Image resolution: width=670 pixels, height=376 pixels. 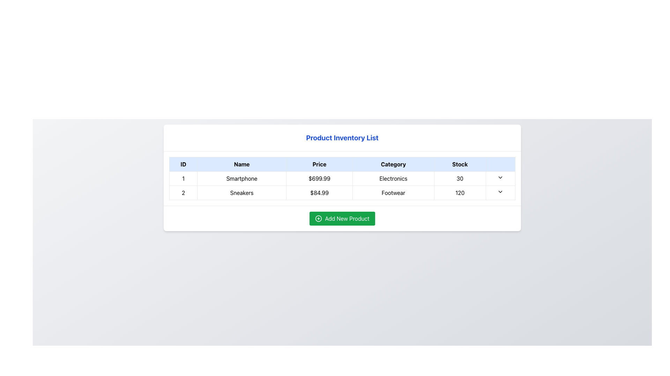 What do you see at coordinates (460, 178) in the screenshot?
I see `the static text display showing '30' in the 'Stock' column of the first row in the table layout` at bounding box center [460, 178].